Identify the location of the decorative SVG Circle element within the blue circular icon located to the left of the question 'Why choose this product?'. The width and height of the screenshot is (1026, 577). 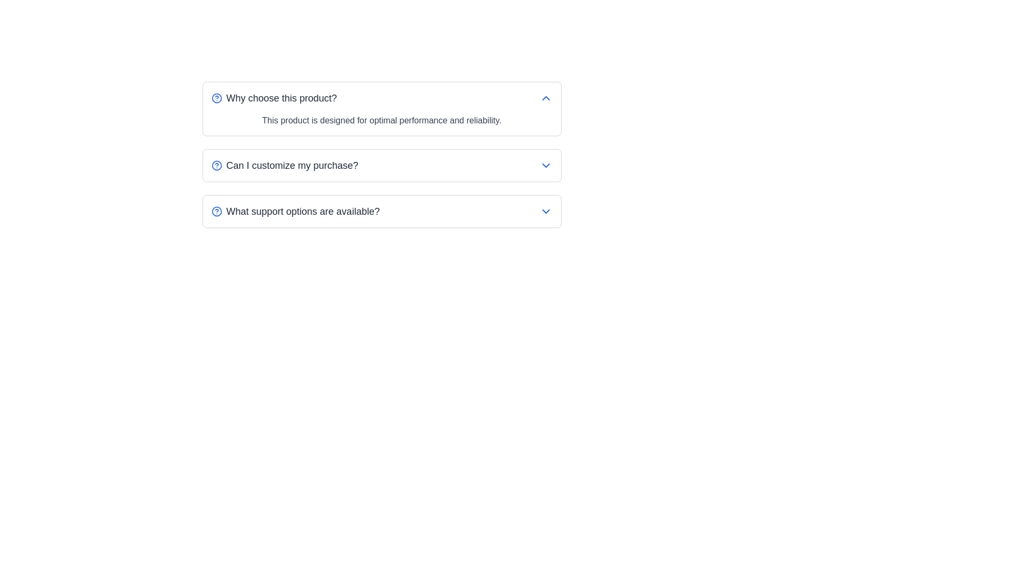
(216, 98).